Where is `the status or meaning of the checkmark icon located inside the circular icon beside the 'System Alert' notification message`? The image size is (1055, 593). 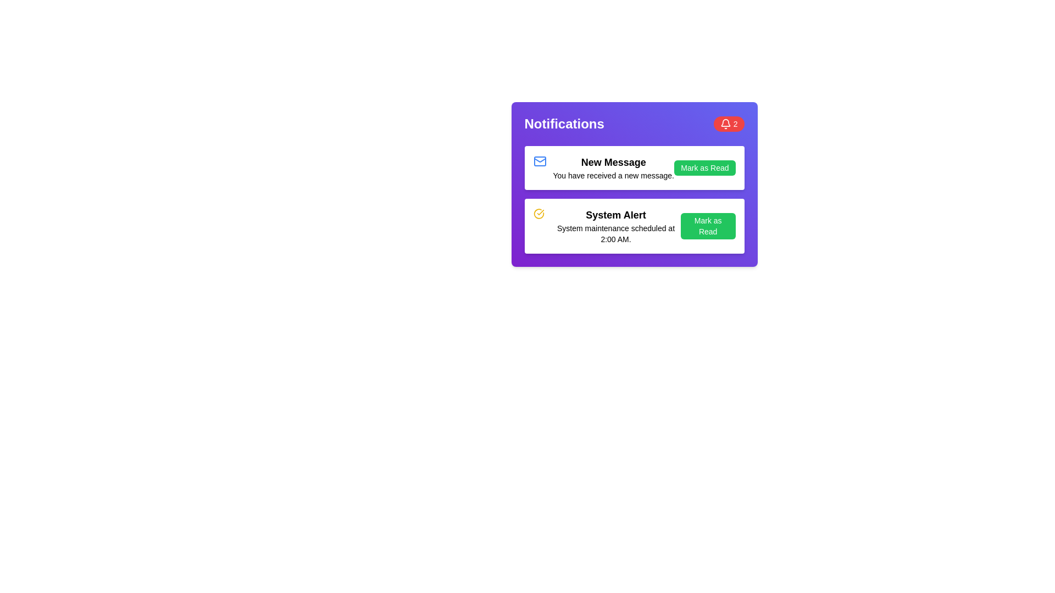 the status or meaning of the checkmark icon located inside the circular icon beside the 'System Alert' notification message is located at coordinates (540, 212).